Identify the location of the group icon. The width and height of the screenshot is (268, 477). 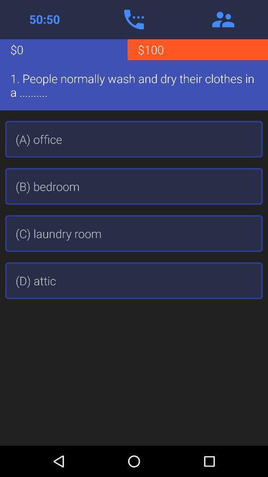
(223, 19).